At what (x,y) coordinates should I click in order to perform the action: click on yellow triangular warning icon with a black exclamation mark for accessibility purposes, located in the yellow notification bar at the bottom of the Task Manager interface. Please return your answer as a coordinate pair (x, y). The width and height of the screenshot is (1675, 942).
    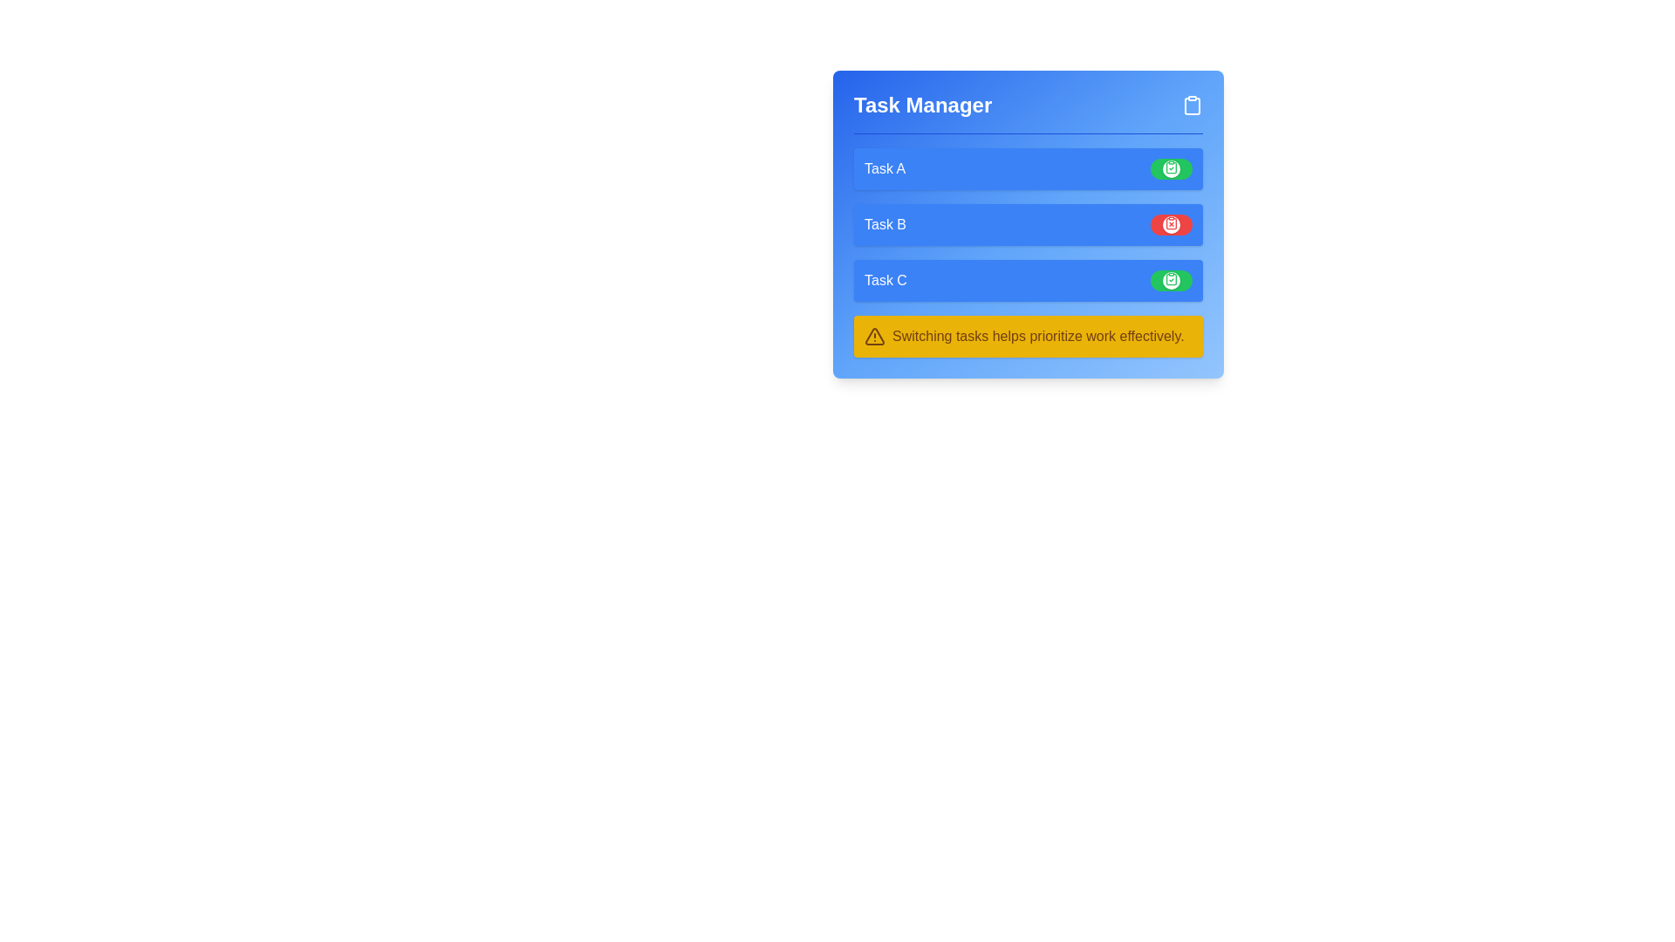
    Looking at the image, I should click on (875, 336).